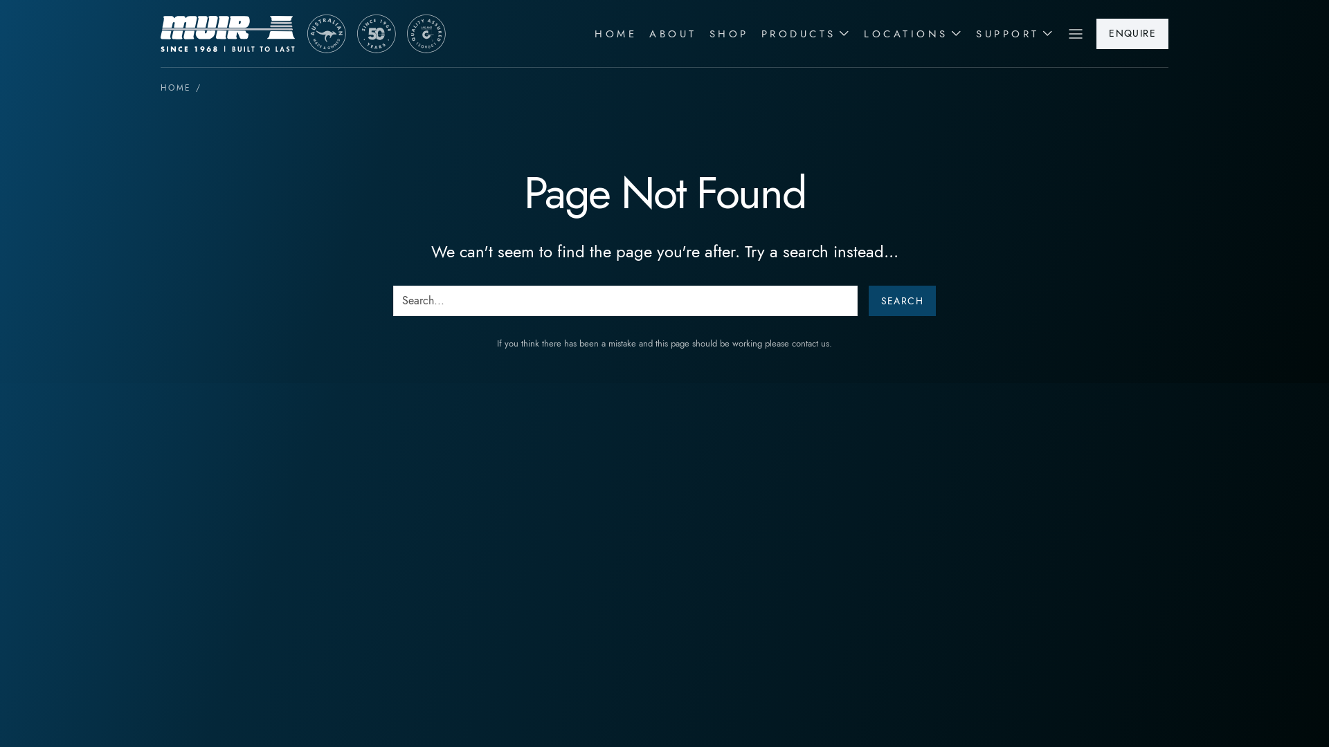  Describe the element at coordinates (906, 33) in the screenshot. I see `'LOCATIONS'` at that location.